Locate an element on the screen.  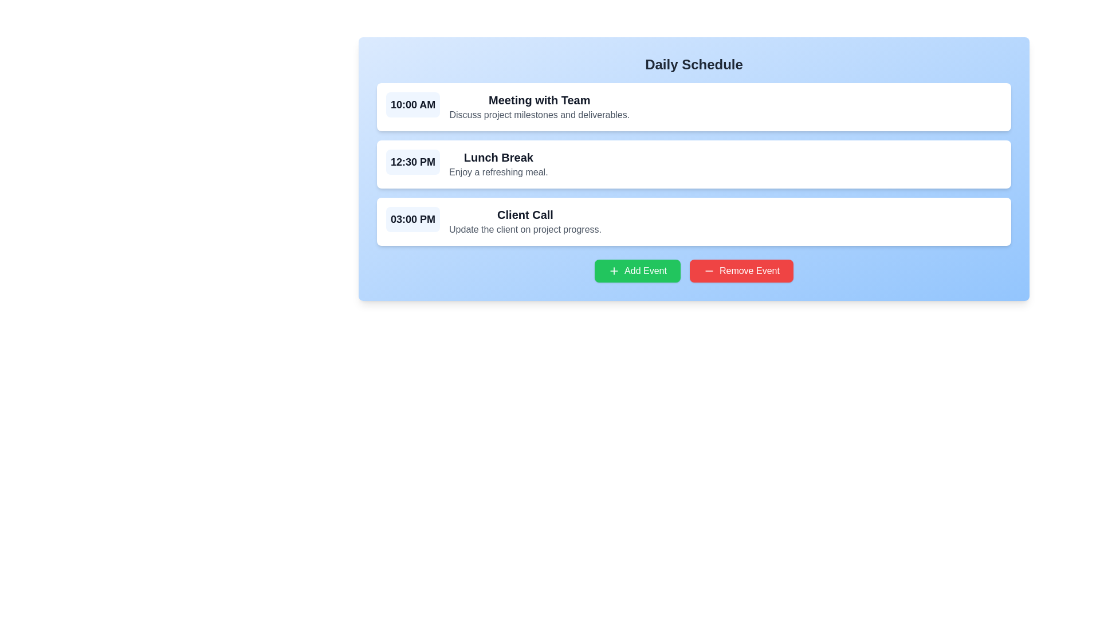
the Text Label displaying 'Enjoy a refreshing meal.' located under the 'Lunch Break' title in the schedule interface is located at coordinates (498, 172).